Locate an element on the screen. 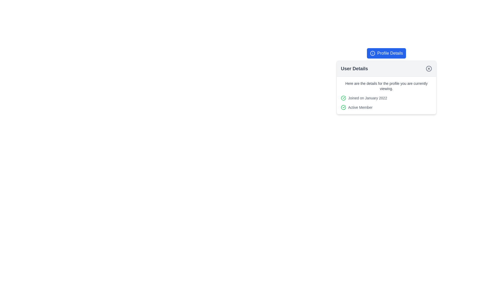 The image size is (500, 281). the green circular icon with a checkmark that indicates an Active Member, located next to the 'Active Member' label in the 'User Details' section is located at coordinates (343, 107).